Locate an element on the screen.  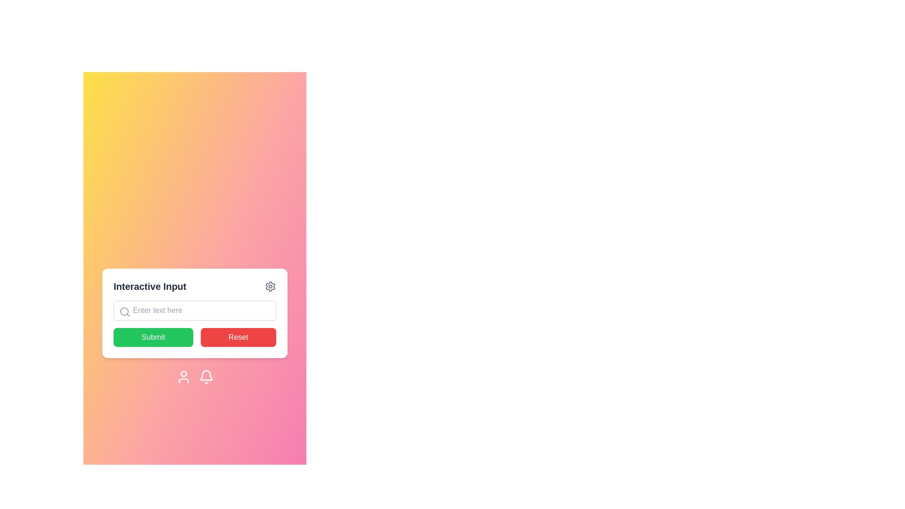
the bell icon located centrally at the bottom of the main panel is located at coordinates (206, 376).